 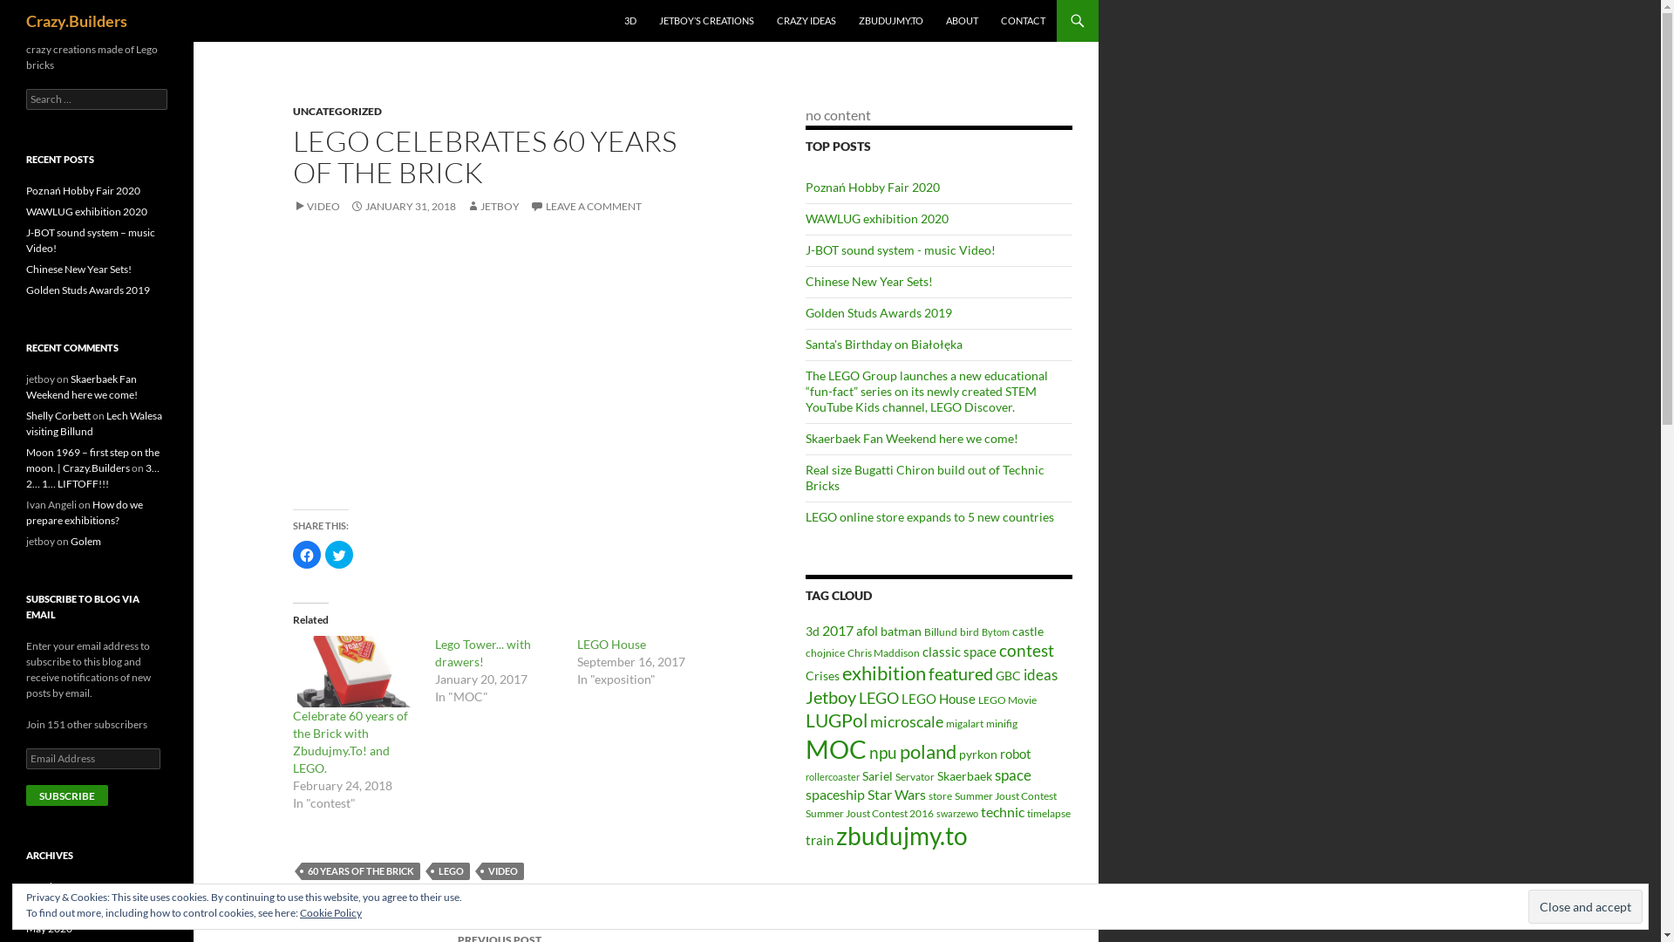 What do you see at coordinates (1023, 20) in the screenshot?
I see `'CONTACT'` at bounding box center [1023, 20].